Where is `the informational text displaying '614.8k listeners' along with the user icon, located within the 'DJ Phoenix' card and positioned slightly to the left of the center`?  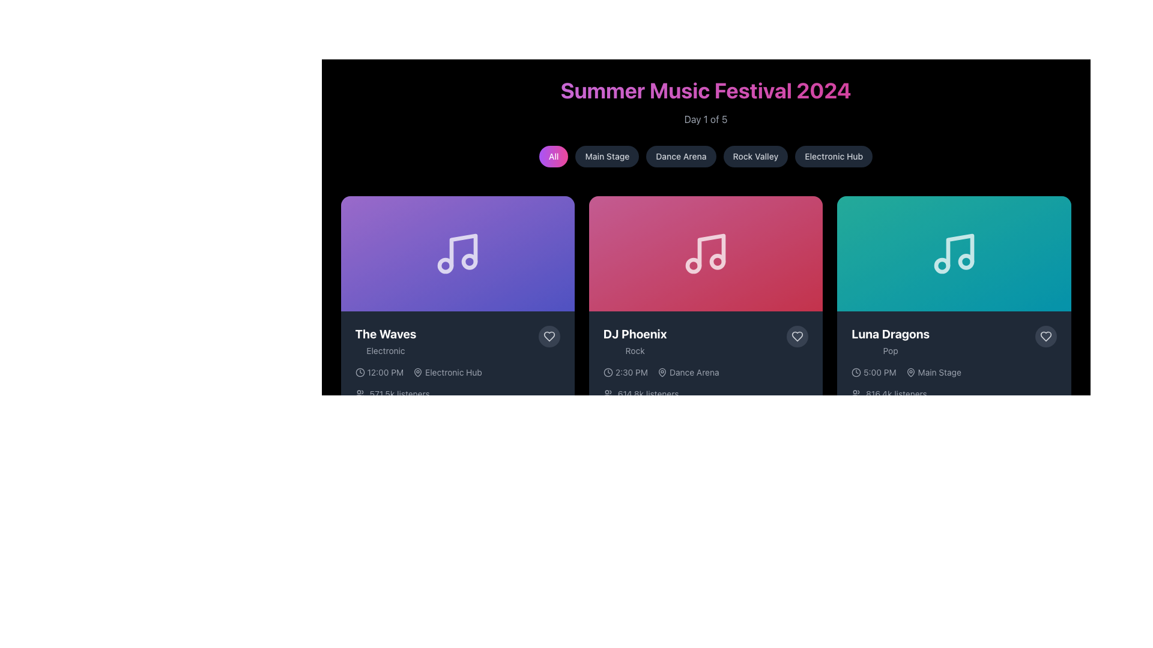
the informational text displaying '614.8k listeners' along with the user icon, located within the 'DJ Phoenix' card and positioned slightly to the left of the center is located at coordinates (706, 394).